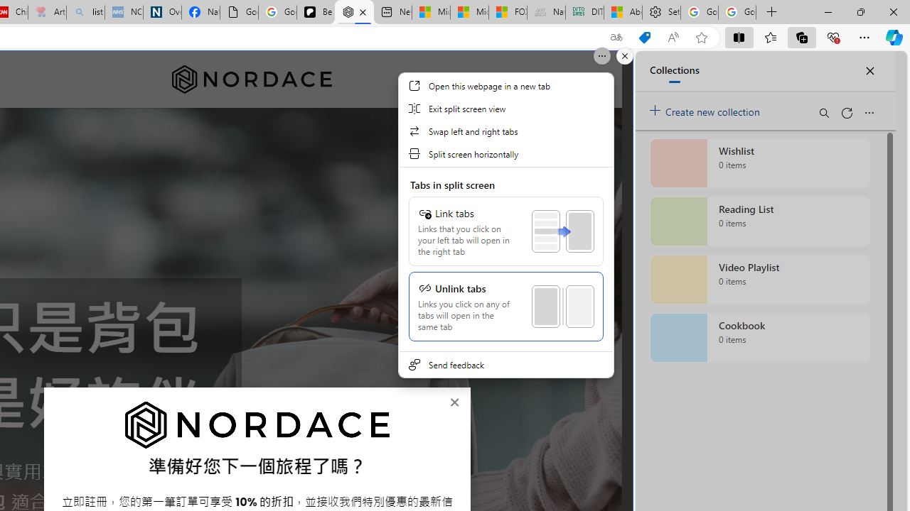 The height and width of the screenshot is (511, 910). Describe the element at coordinates (506, 233) in the screenshot. I see `'Class: MenuScrollViewContainer'` at that location.